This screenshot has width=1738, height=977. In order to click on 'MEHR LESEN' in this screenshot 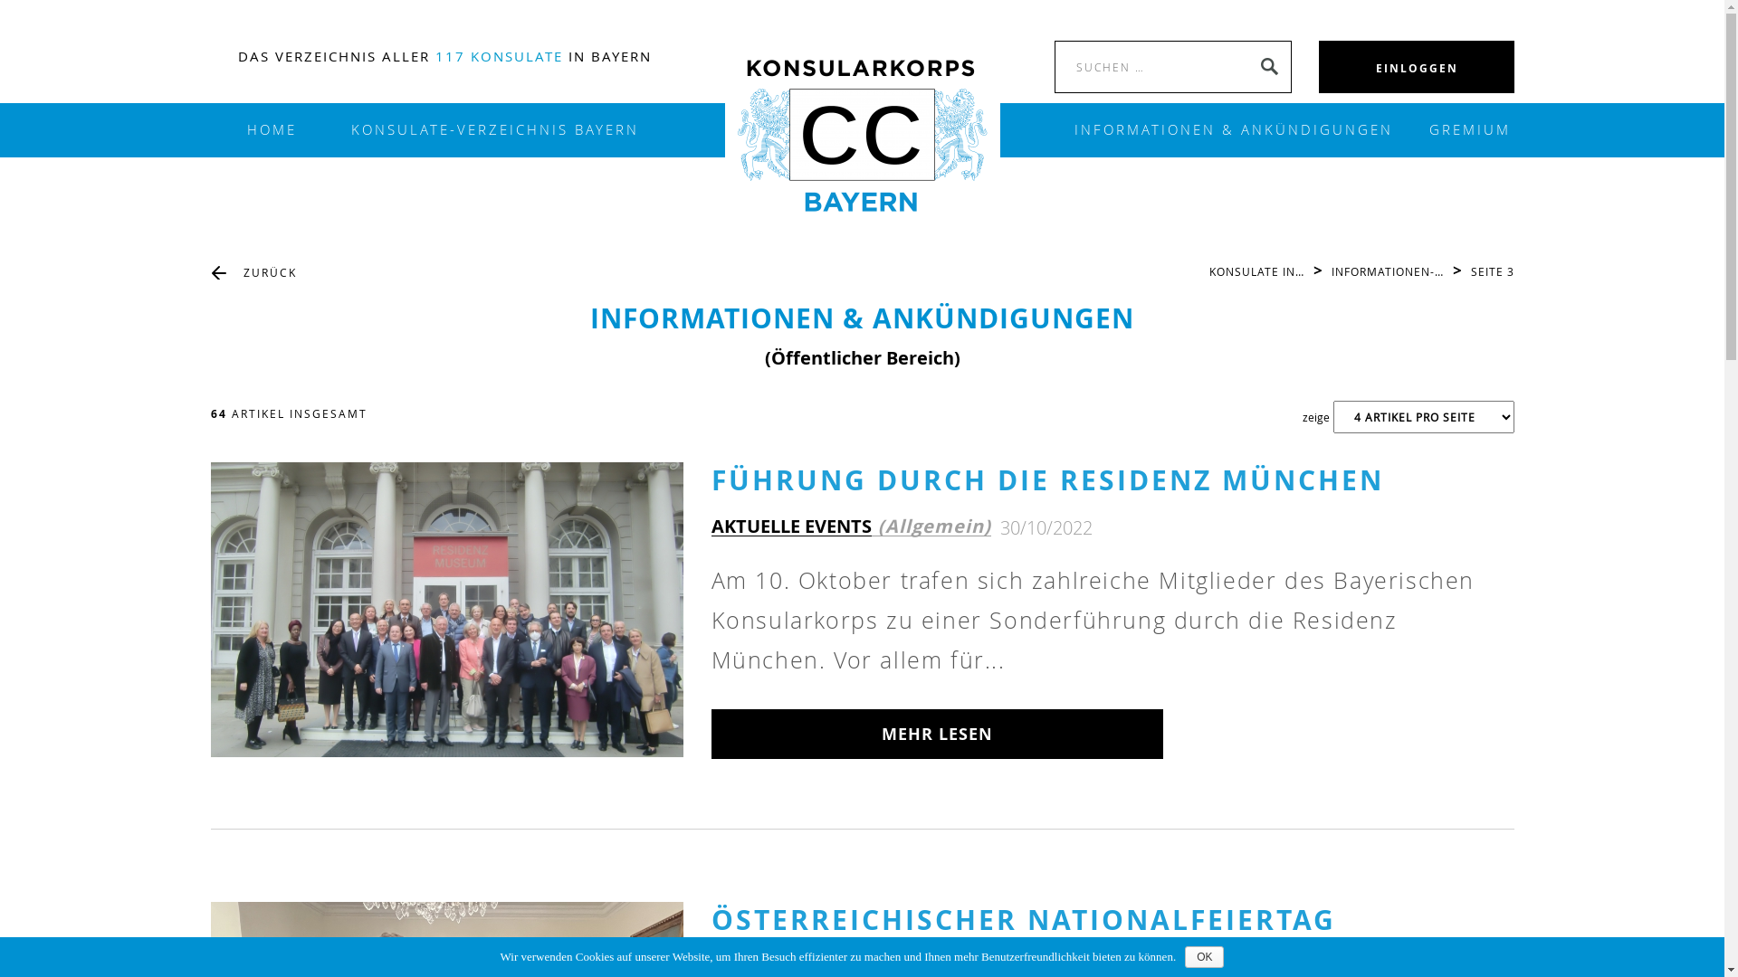, I will do `click(937, 734)`.